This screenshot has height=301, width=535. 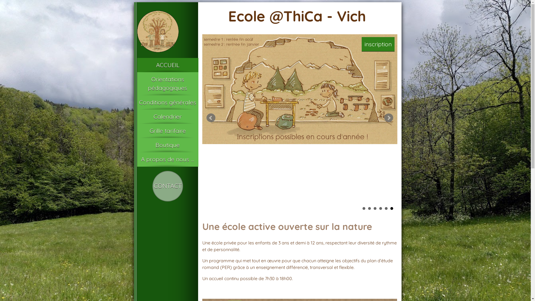 What do you see at coordinates (364, 208) in the screenshot?
I see `'1'` at bounding box center [364, 208].